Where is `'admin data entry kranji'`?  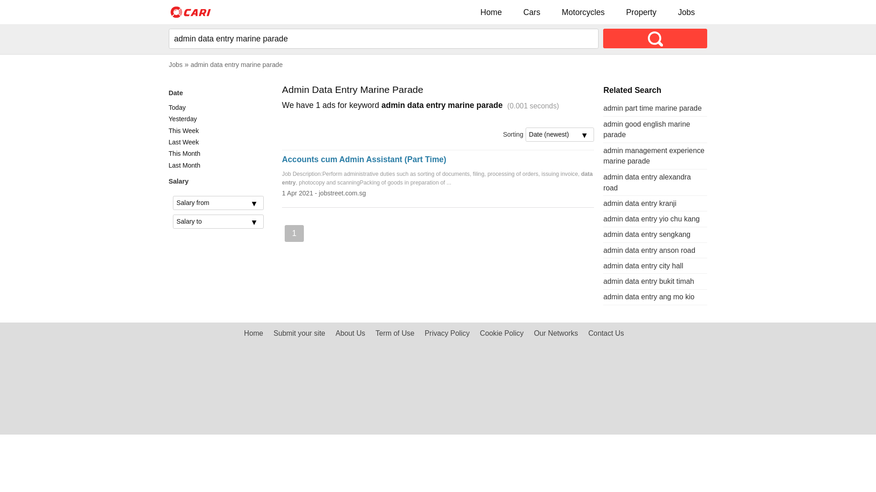
'admin data entry kranji' is located at coordinates (639, 203).